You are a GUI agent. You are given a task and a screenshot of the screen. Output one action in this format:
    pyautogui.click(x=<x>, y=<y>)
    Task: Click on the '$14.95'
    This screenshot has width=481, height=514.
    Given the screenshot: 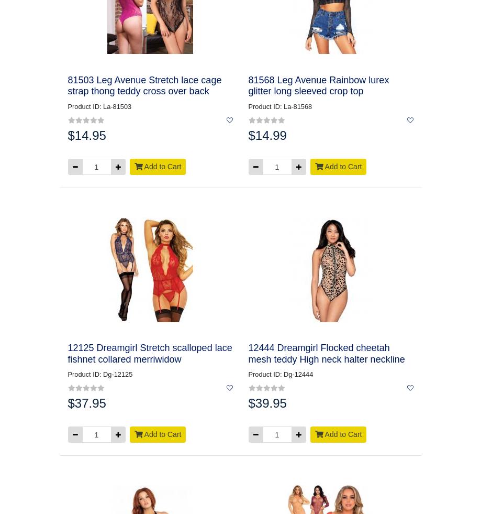 What is the action you would take?
    pyautogui.click(x=86, y=135)
    